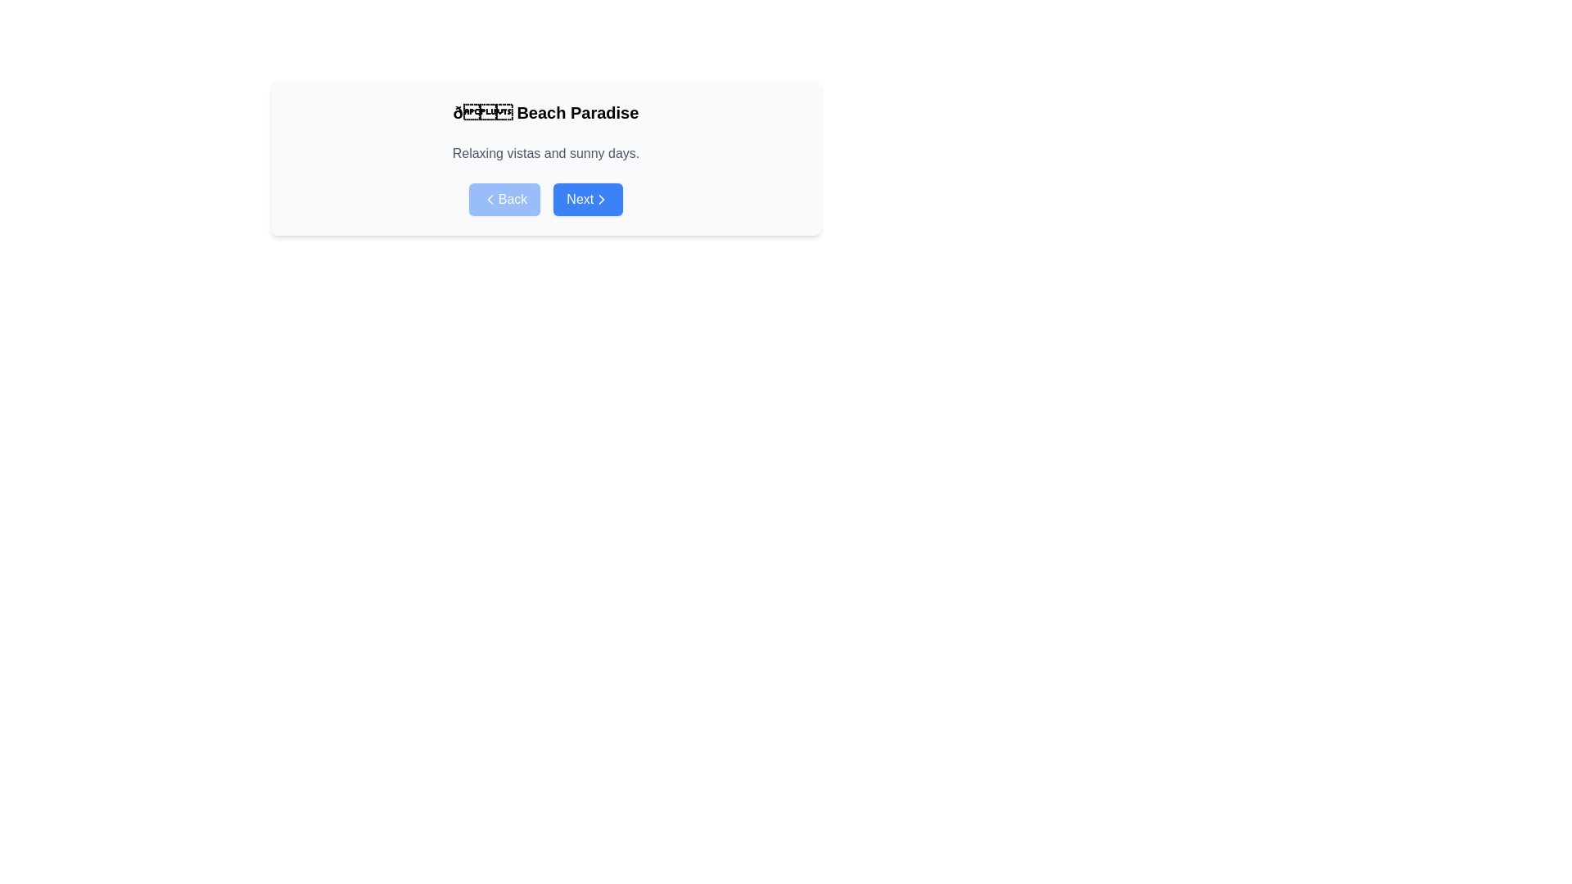  I want to click on left-facing chevron arrow SVG icon contained within the 'Back' button for debugging purposes, so click(489, 198).